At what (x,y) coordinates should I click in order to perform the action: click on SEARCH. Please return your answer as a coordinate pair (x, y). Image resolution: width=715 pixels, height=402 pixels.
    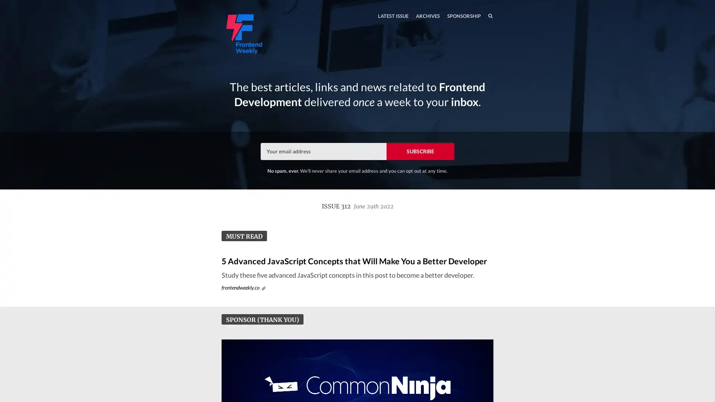
    Looking at the image, I should click on (474, 16).